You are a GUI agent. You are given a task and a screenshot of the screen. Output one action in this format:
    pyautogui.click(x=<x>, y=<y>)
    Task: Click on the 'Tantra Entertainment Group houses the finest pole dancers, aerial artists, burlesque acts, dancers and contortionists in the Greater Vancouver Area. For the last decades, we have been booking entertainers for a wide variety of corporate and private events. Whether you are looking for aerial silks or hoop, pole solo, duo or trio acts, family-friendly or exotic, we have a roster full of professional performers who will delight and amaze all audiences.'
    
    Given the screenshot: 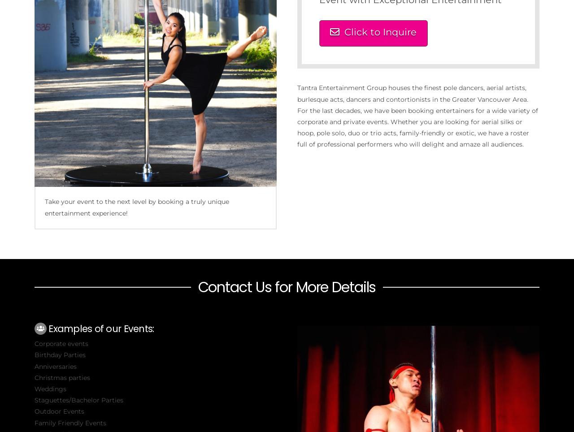 What is the action you would take?
    pyautogui.click(x=417, y=116)
    